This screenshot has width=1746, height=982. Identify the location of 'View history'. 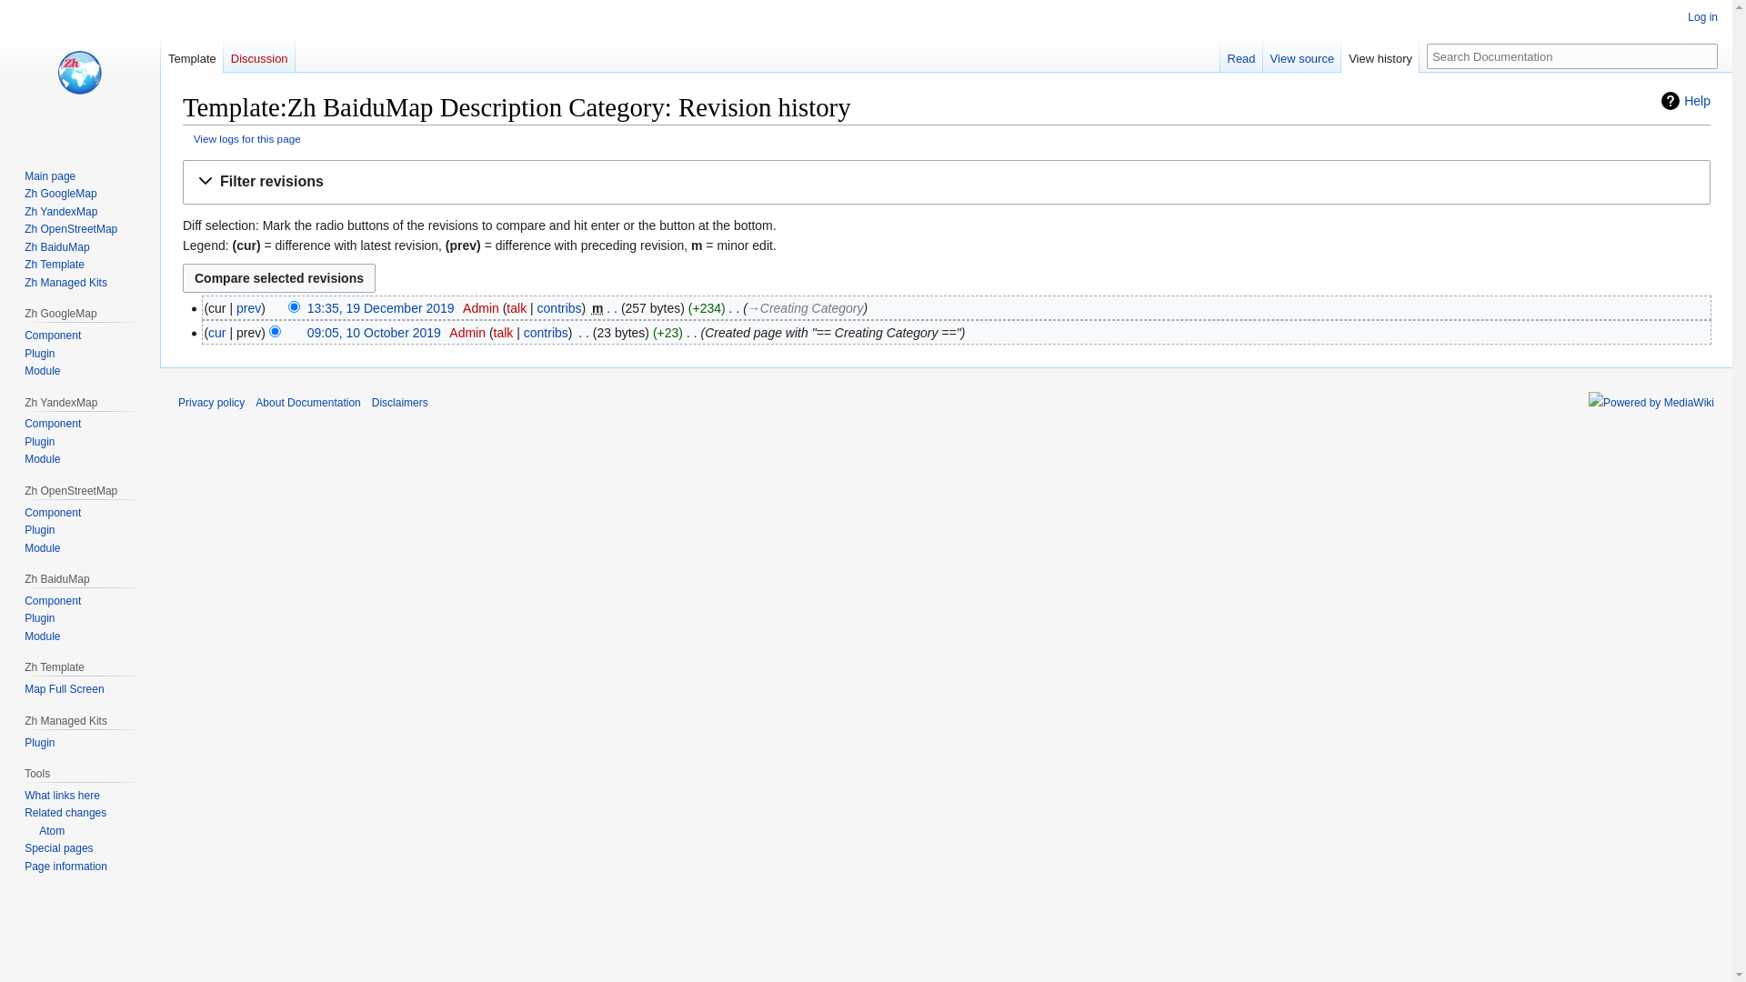
(1380, 54).